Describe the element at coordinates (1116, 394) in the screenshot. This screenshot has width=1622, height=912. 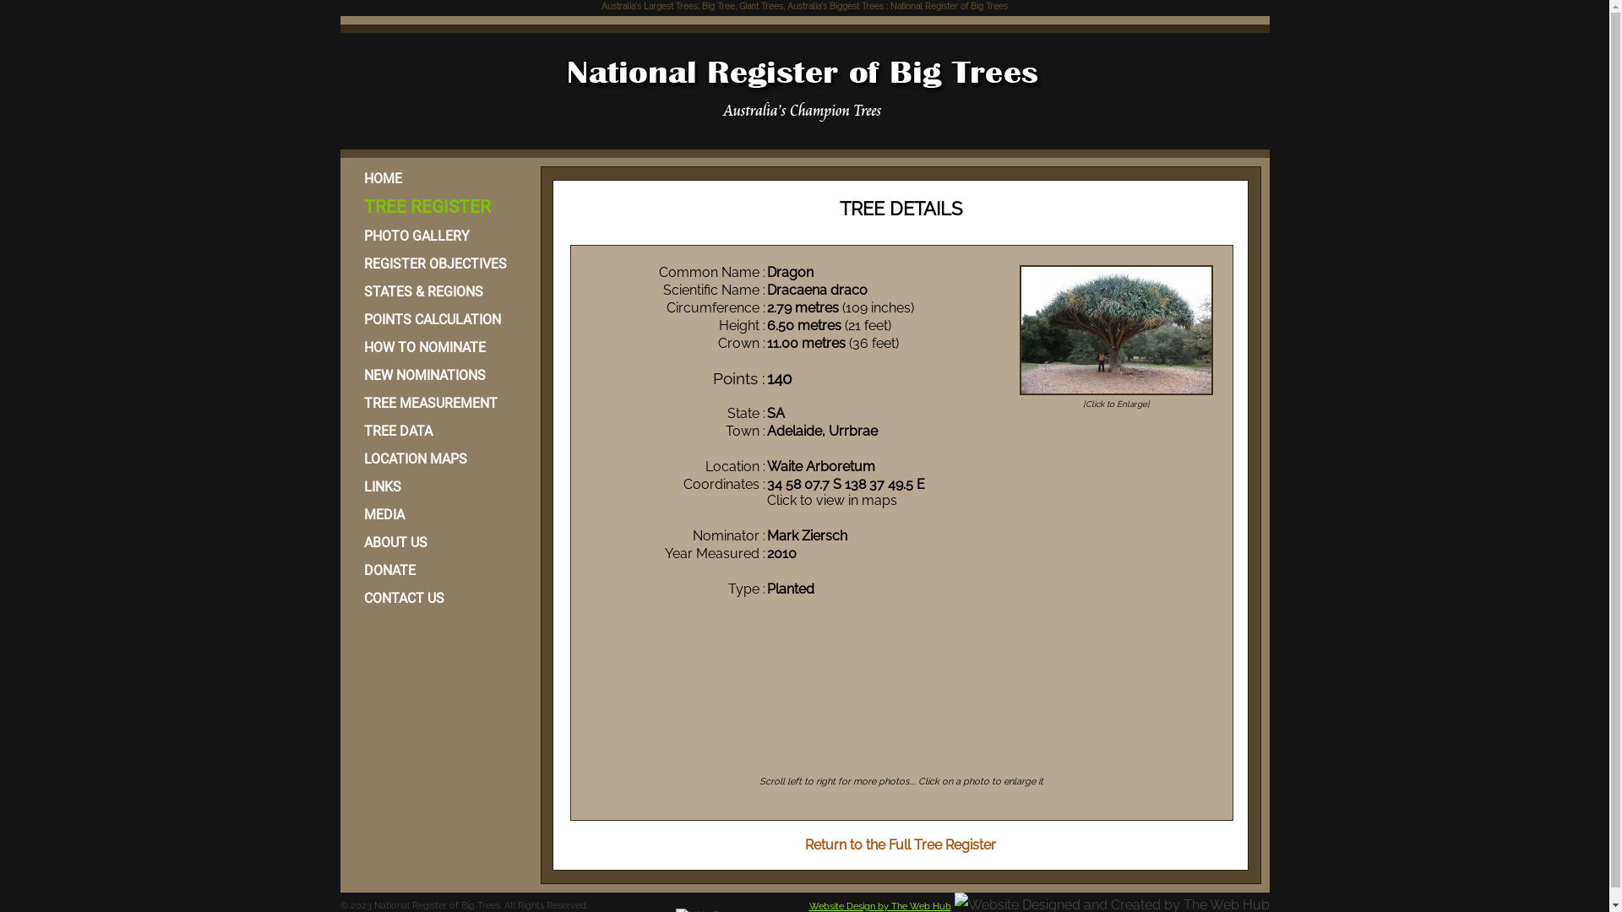
I see `'Dragon : Dracaena draco'` at that location.